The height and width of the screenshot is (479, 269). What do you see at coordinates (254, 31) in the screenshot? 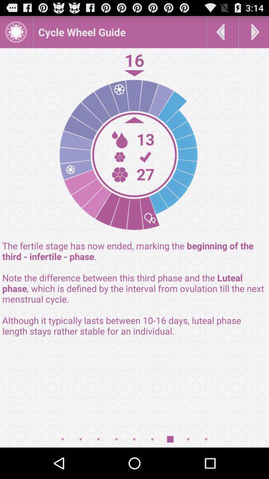
I see `go next` at bounding box center [254, 31].